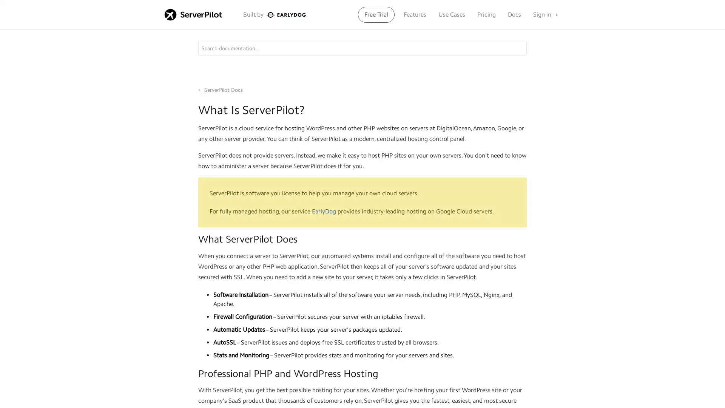 Image resolution: width=725 pixels, height=408 pixels. Describe the element at coordinates (486, 14) in the screenshot. I see `Pricing` at that location.